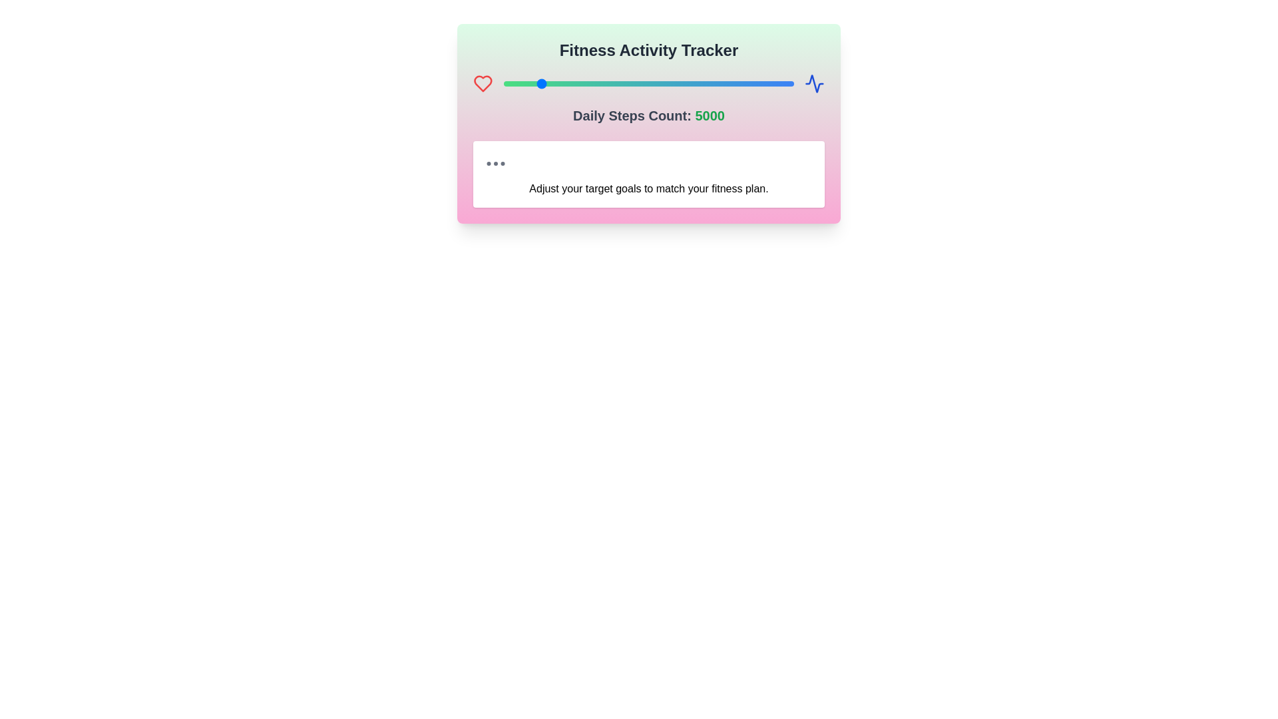  What do you see at coordinates (482, 84) in the screenshot?
I see `the heart icon to interact with it` at bounding box center [482, 84].